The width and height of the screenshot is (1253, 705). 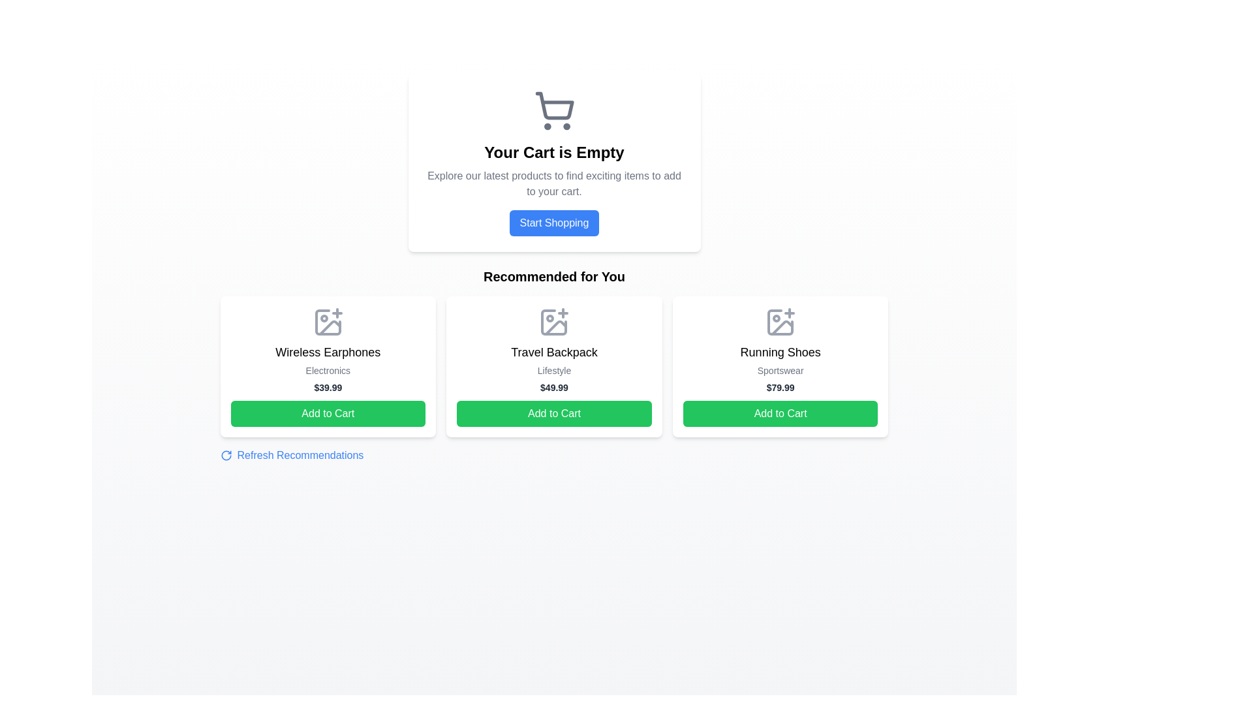 What do you see at coordinates (781, 413) in the screenshot?
I see `the 'Add to Cart' button with a green background located at the bottom of the third product card` at bounding box center [781, 413].